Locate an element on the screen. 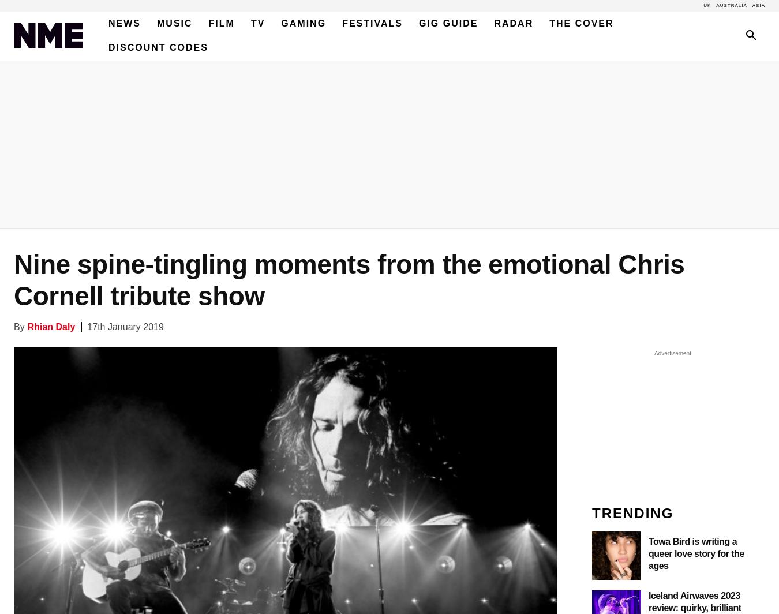  'Towa Bird is writing a queer love story for the ages' is located at coordinates (649, 553).